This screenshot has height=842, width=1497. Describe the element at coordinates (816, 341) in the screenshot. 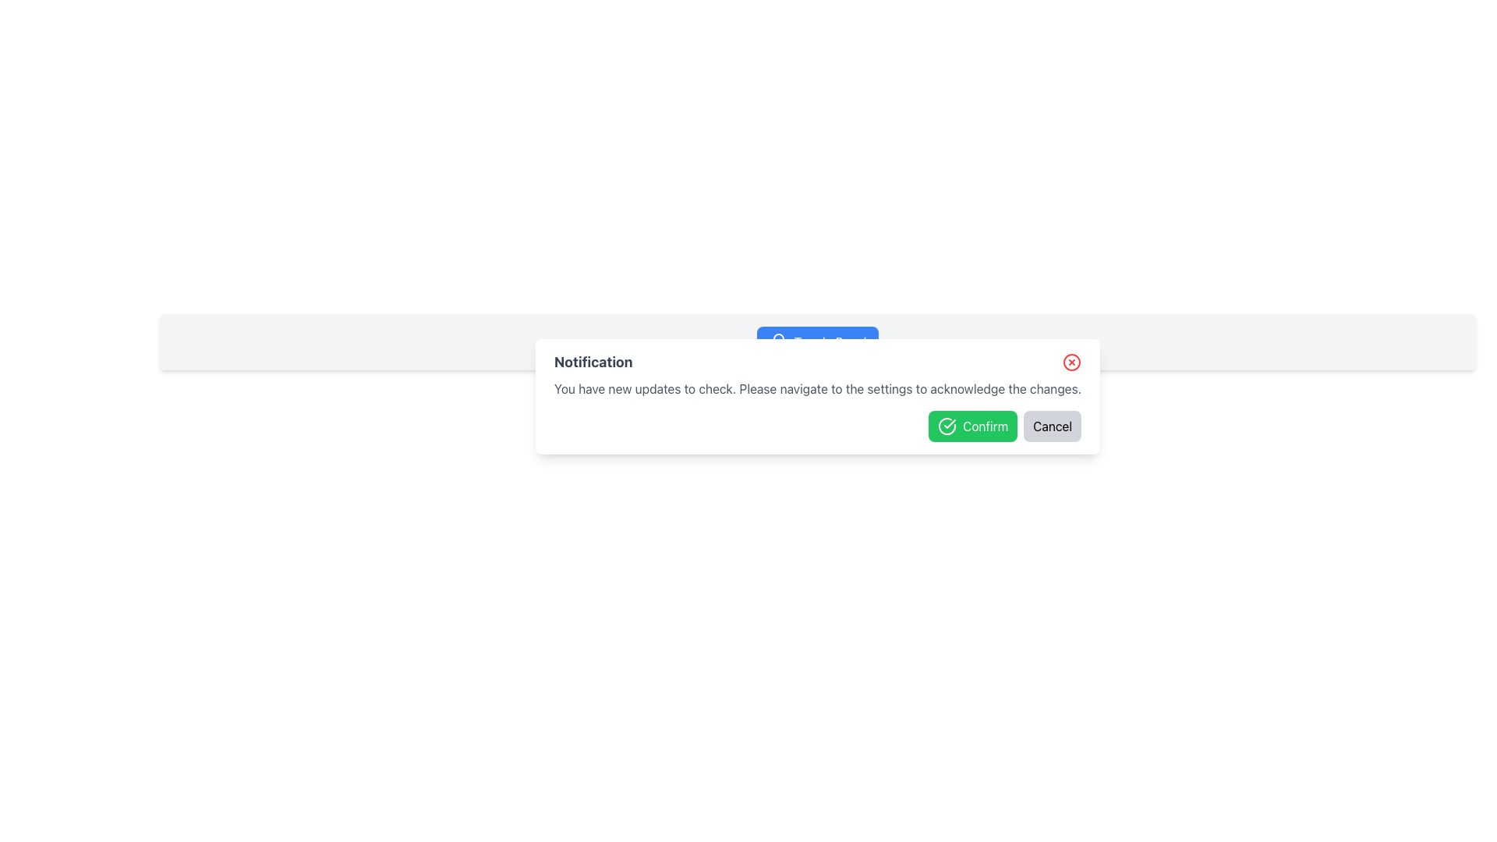

I see `the 'Toggle Panel' button with a blue background and white text` at that location.